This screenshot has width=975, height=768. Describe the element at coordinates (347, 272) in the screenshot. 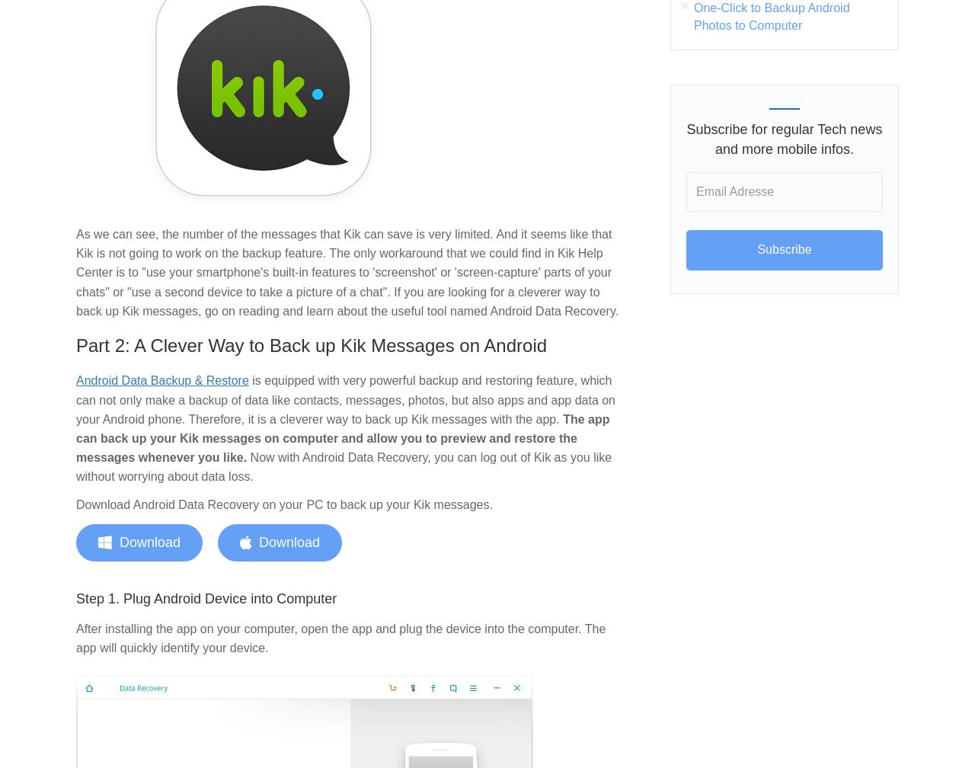

I see `'As we can see, the number of the messages that Kik can save is very limited. And it seems like that Kik is not going to work on the backup feature. The only workaround that we could find in Kik Help Center is to "use your smartphone's built-in features to 'screenshot' or 'screen-capture' parts of your chats" or "use a second device to take a picture of a chat". If you are looking for a cleverer way to back up Kik messages, go on reading and learn about the useful tool named Android Data Recovery.'` at that location.